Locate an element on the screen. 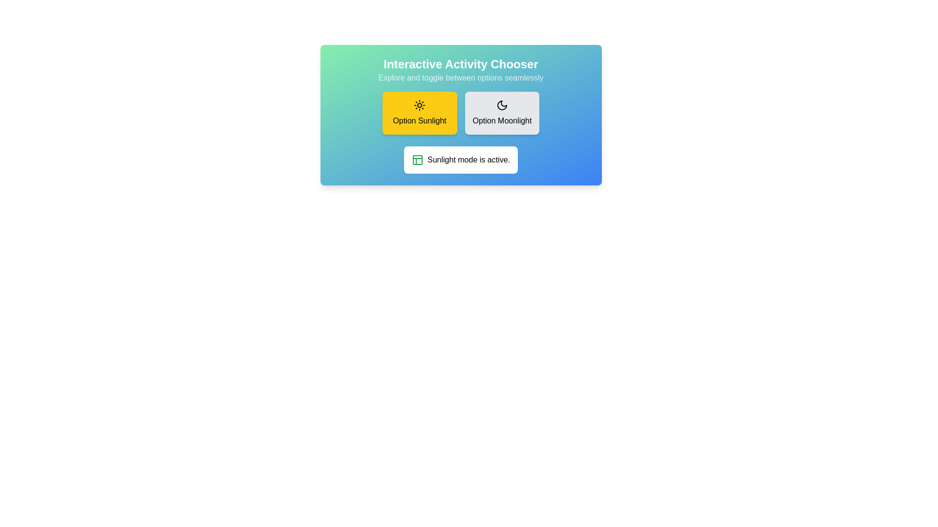 The image size is (938, 527). textual header element titled 'Interactive Activity Chooser' which contains information about exploring and toggling options seamlessly is located at coordinates (460, 69).